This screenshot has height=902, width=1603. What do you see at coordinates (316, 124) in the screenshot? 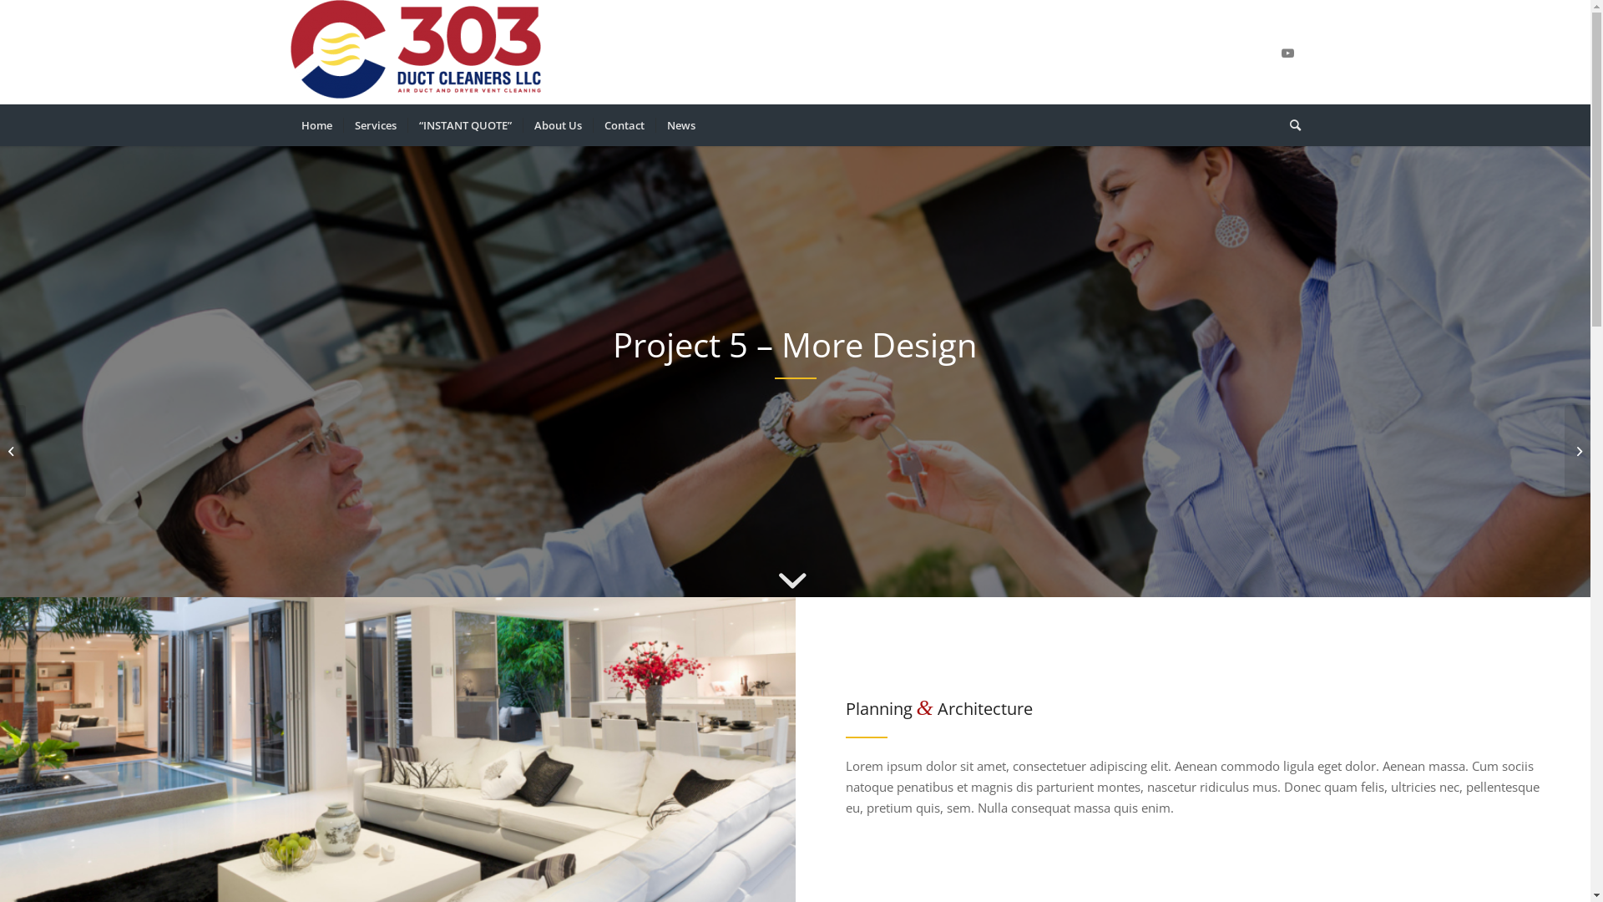
I see `'Home'` at bounding box center [316, 124].